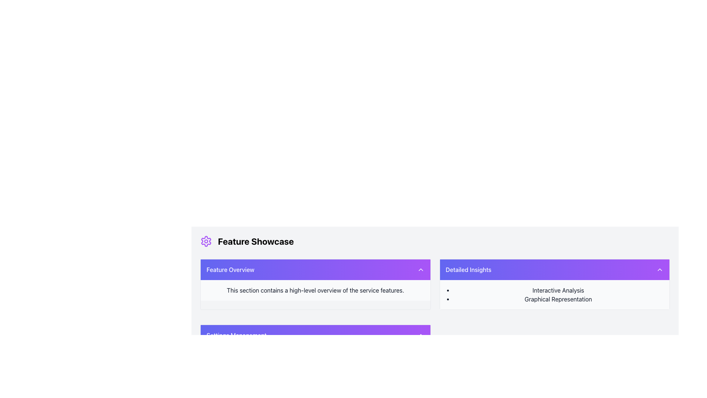 The image size is (707, 398). Describe the element at coordinates (421, 335) in the screenshot. I see `the upward-pointing chevron icon with a gradient purple background located on the right side of the 'Settings Management' header` at that location.